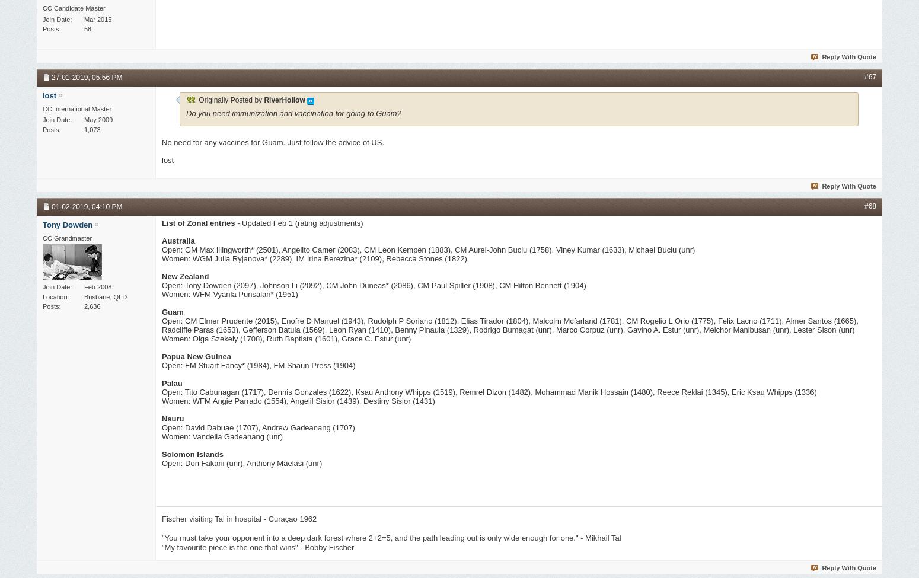 The height and width of the screenshot is (578, 919). Describe the element at coordinates (98, 120) in the screenshot. I see `'May 2009'` at that location.